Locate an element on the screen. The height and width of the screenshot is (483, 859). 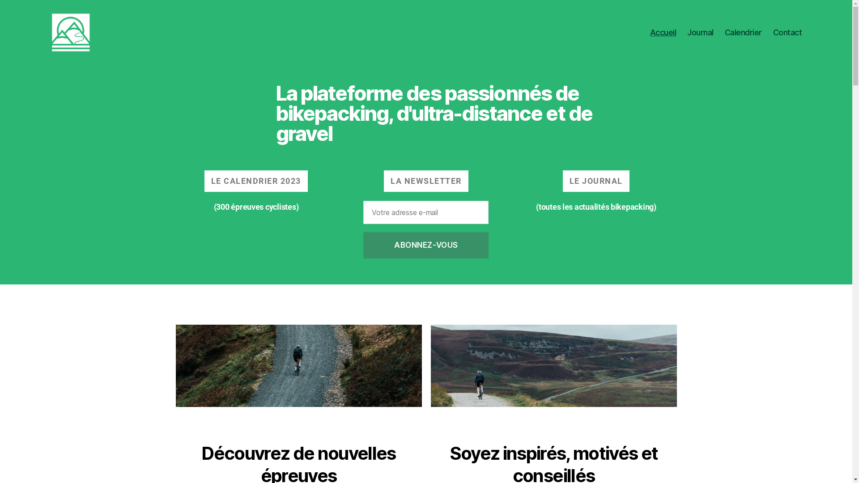
'Contact' is located at coordinates (773, 32).